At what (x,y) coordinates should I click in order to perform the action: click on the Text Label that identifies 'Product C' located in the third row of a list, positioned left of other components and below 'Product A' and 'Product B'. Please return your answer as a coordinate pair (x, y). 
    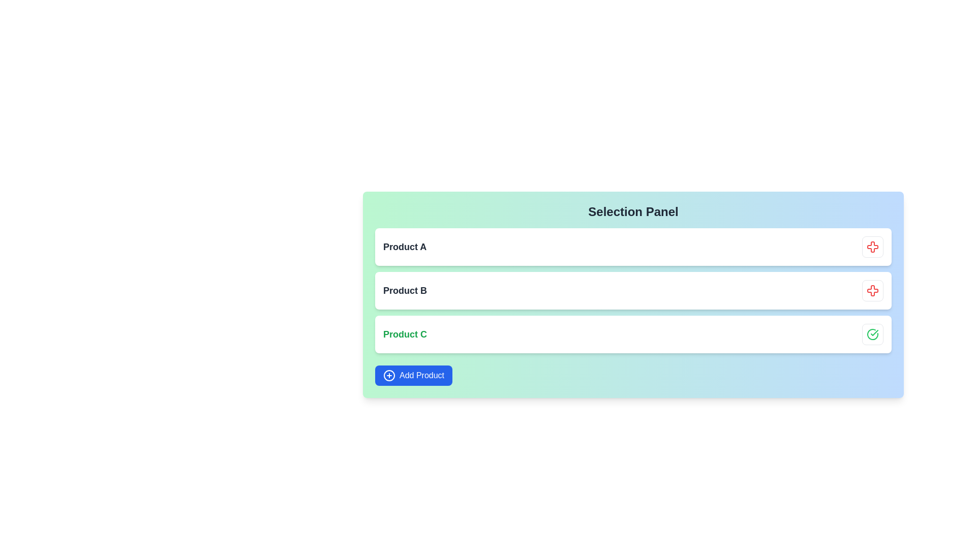
    Looking at the image, I should click on (404, 334).